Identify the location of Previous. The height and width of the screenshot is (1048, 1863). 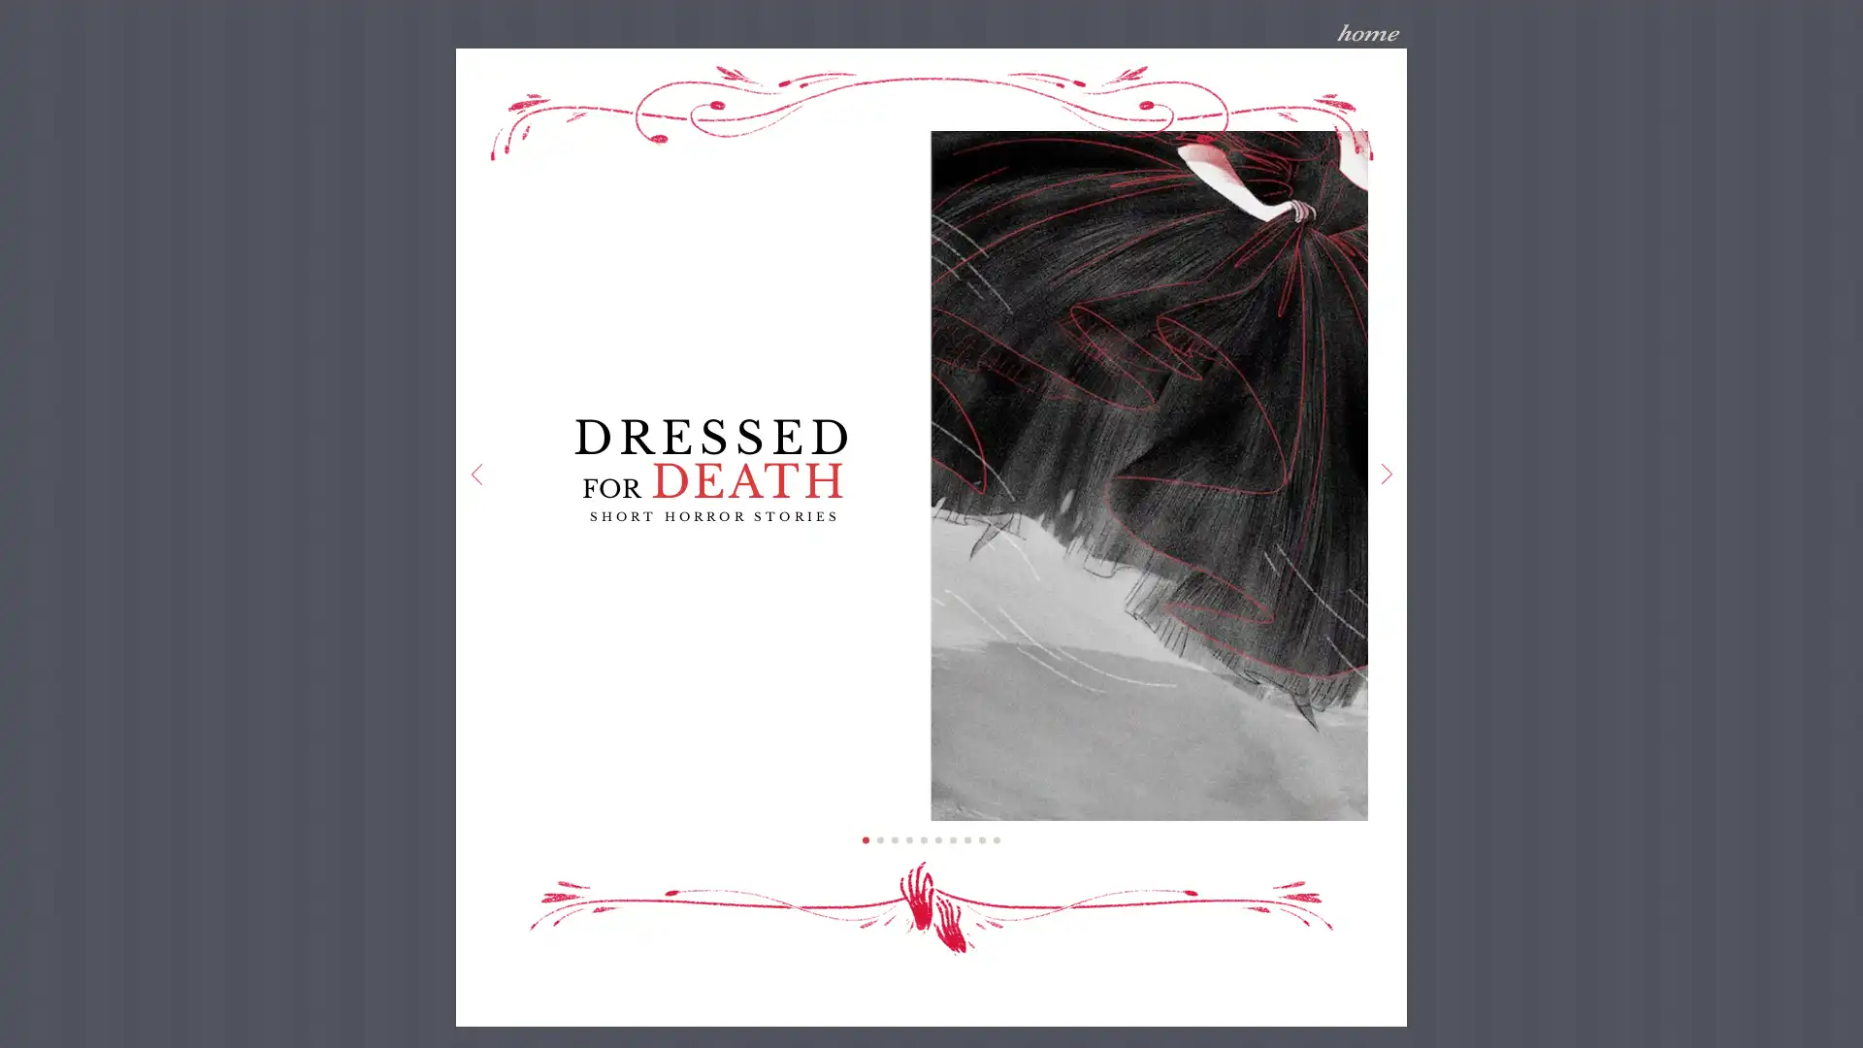
(475, 475).